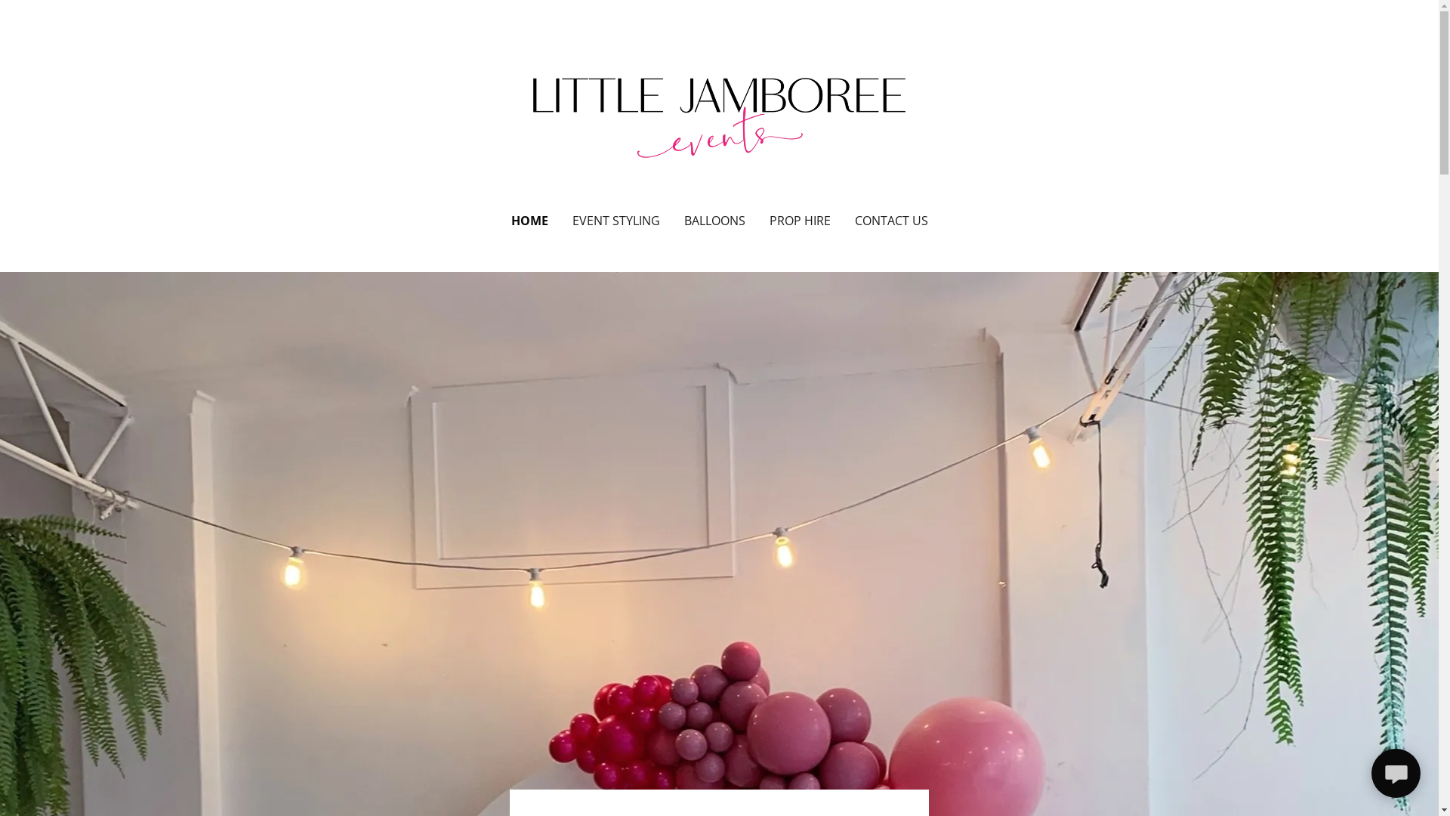 The image size is (1450, 816). I want to click on 'Little Jamboree, so click(718, 116).